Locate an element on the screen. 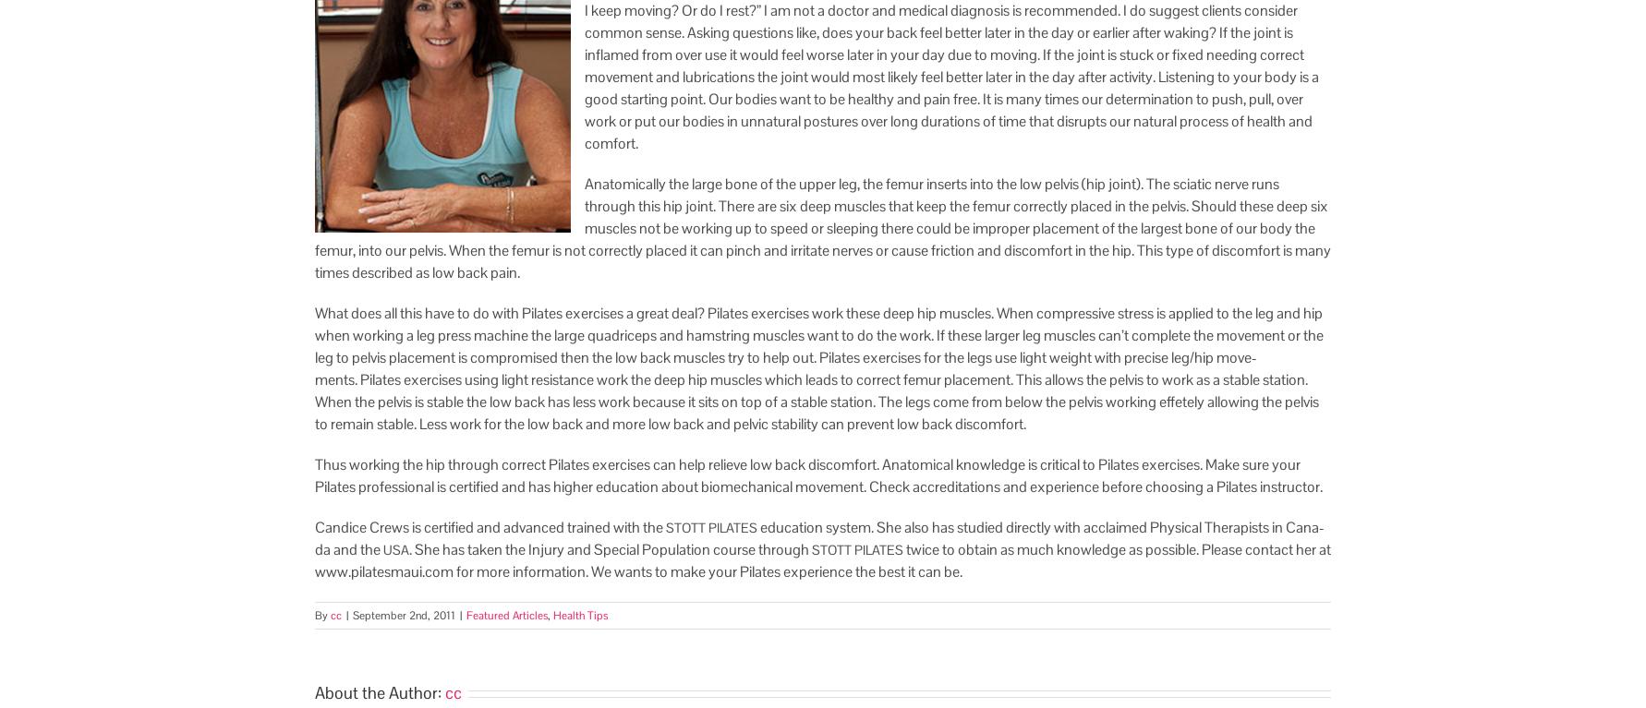 This screenshot has width=1646, height=708. 'What does all this have to do with Pilates exer­cis­es a great deal? Pilates exer­cis­es work these deep hip mus­cles. When com­pres­sive stress is applied to the leg and hip when work­ing a leg press machine the large quadri­ceps and ham­string mus­cles want to do the work. If these larg­er leg mus­cles can’t com­plete the move­ment or the leg to pelvis place­ment is com­pro­mised then the low back mus­cles try to help out. Pilates exer­cis­es for the legs use light weight with pre­cise leg/hip move­ments. Pilates exer­cis­es using light resis­tance work the deep hip mus­cles which leads to cor­rect femur place­ment. This allows the pelvis to work as a sta­ble sta­tion. When the pelvis is sta­ble the low back has less work because it sits on top of a sta­ble sta­tion. The legs come from below the pelvis work­ing effete­ly allow­ing the pelvis to remain sta­ble. Less work for the low back and more low back and pelvic sta­bil­i­ty can pre­vent low back discomfort.' is located at coordinates (818, 368).